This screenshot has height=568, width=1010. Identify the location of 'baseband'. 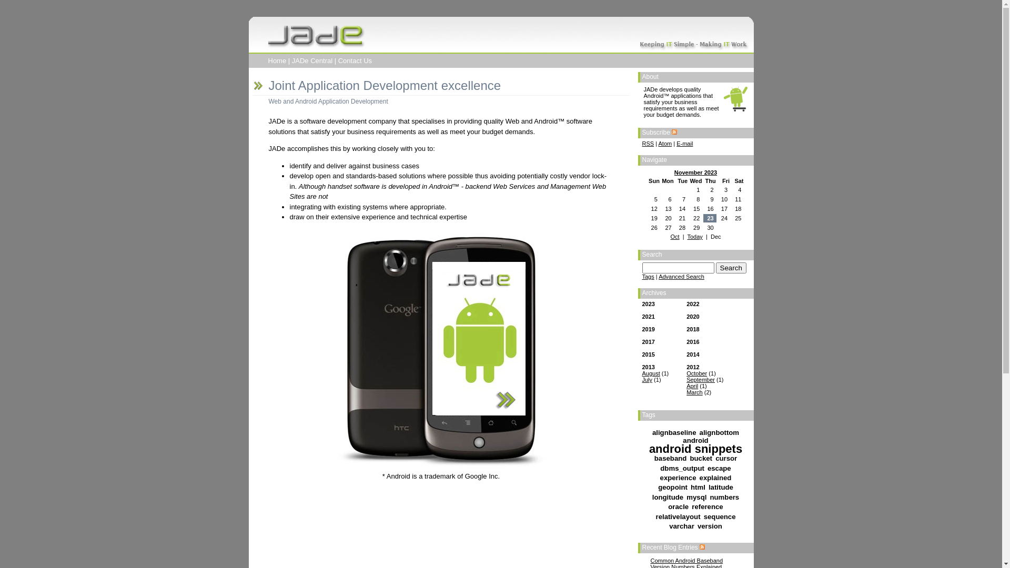
(670, 458).